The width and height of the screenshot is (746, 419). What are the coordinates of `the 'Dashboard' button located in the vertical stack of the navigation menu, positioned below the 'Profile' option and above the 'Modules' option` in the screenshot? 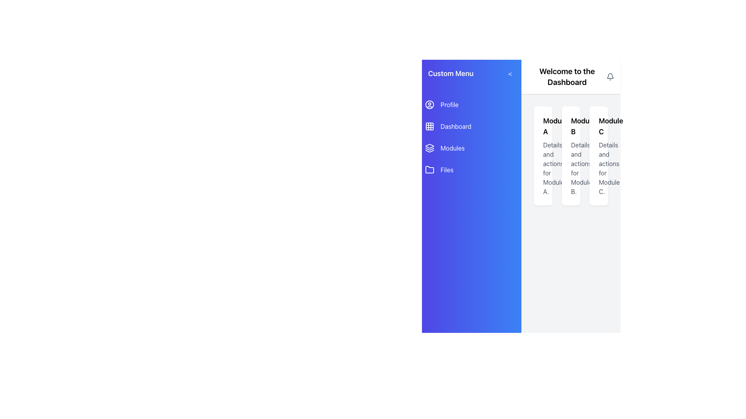 It's located at (471, 126).